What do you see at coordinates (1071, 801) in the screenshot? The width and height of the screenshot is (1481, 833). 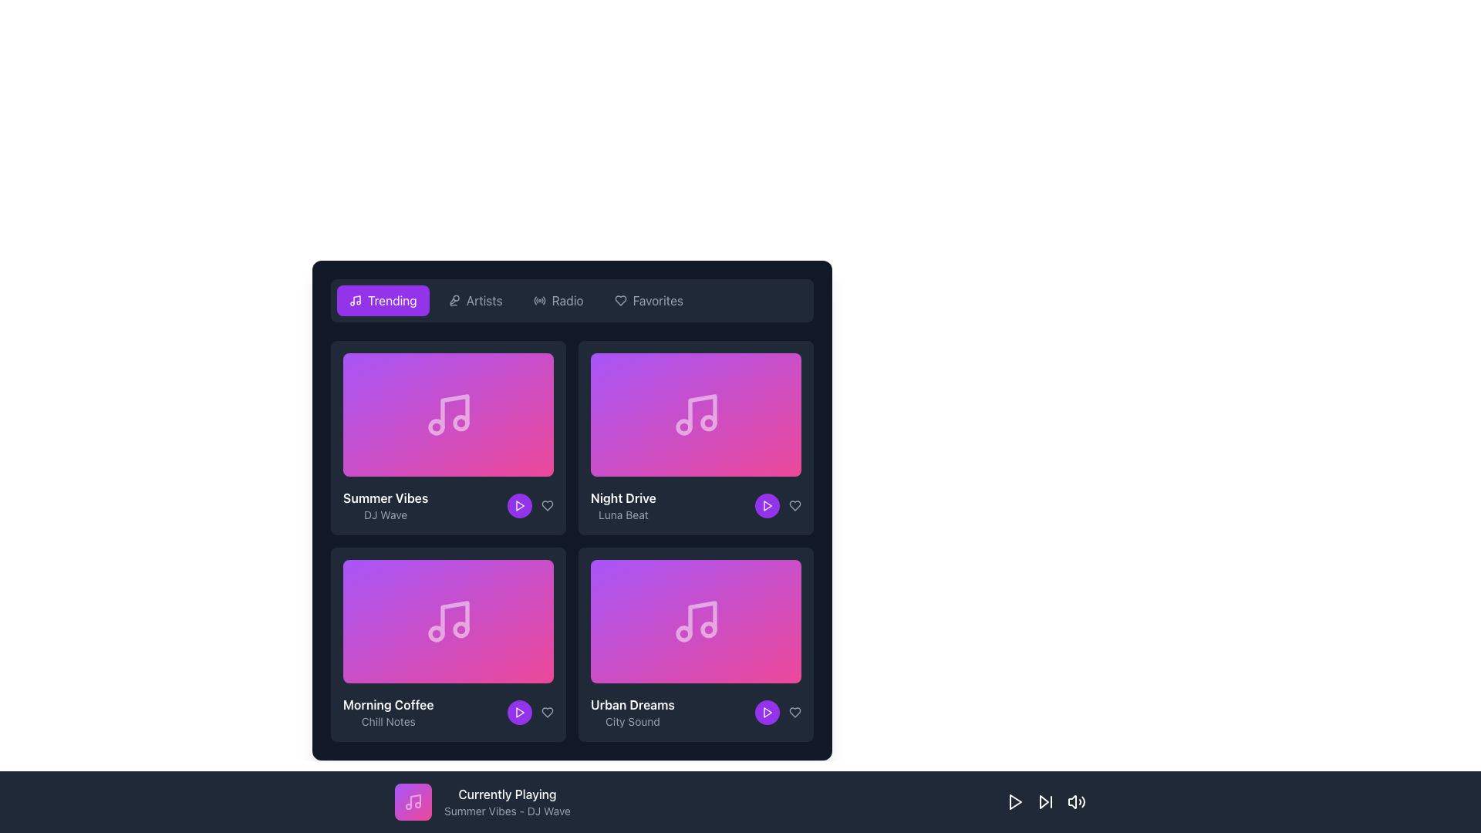 I see `the speaker icon located to the left of the playback controls in the bottom navigation bar` at bounding box center [1071, 801].